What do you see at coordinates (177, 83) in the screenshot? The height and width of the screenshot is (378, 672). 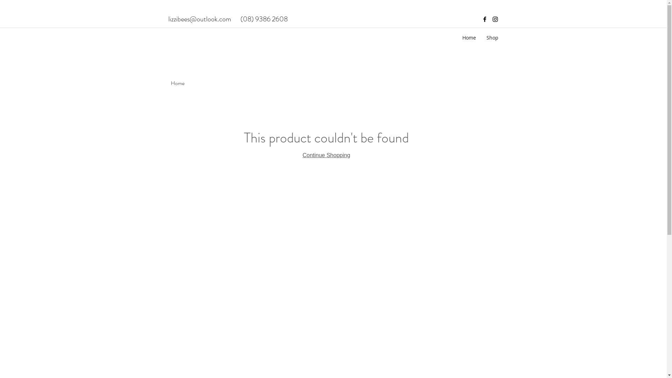 I see `'Home'` at bounding box center [177, 83].